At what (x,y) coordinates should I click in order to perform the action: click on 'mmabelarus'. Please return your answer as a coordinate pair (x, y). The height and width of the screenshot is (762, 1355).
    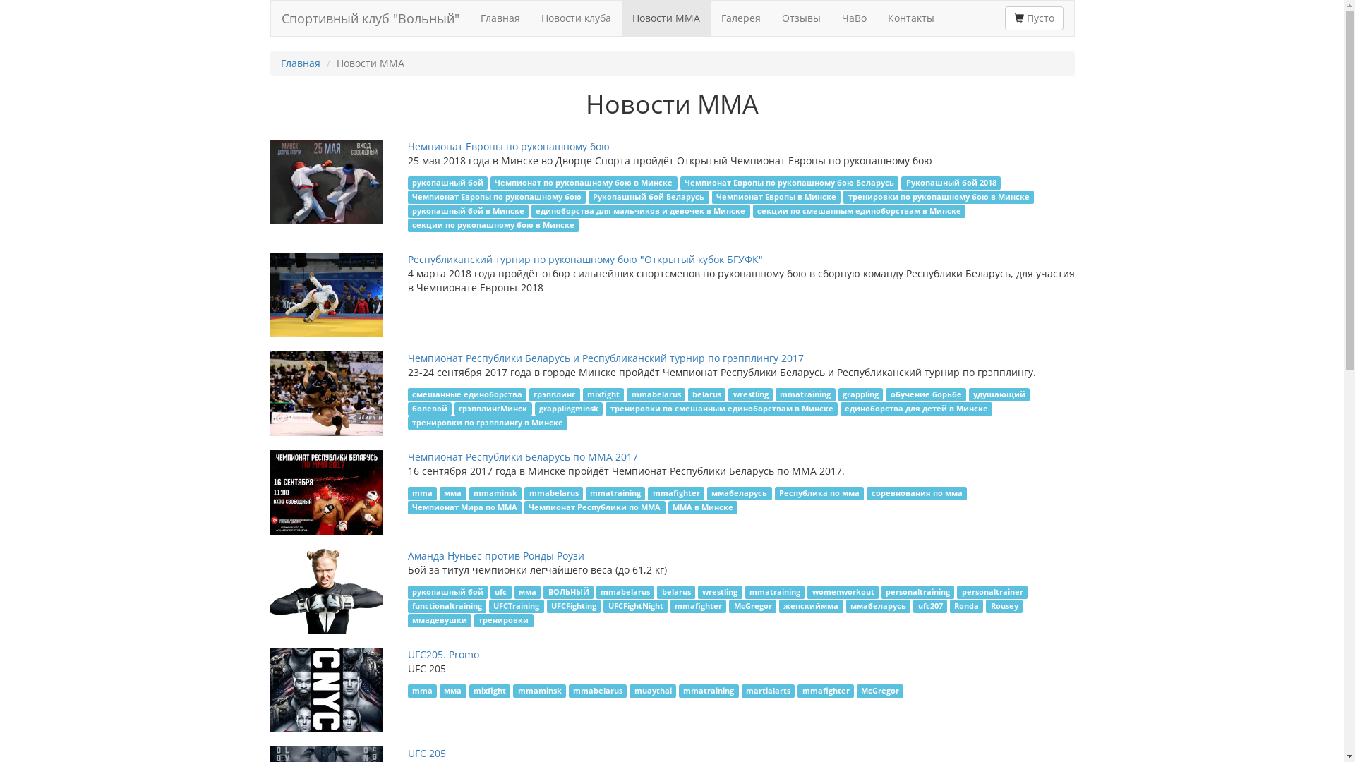
    Looking at the image, I should click on (626, 394).